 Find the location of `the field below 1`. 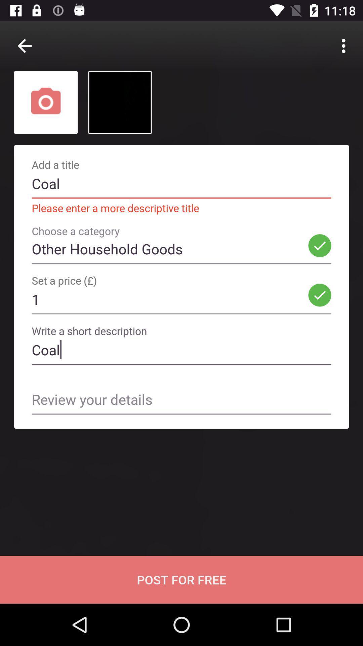

the field below 1 is located at coordinates (182, 339).